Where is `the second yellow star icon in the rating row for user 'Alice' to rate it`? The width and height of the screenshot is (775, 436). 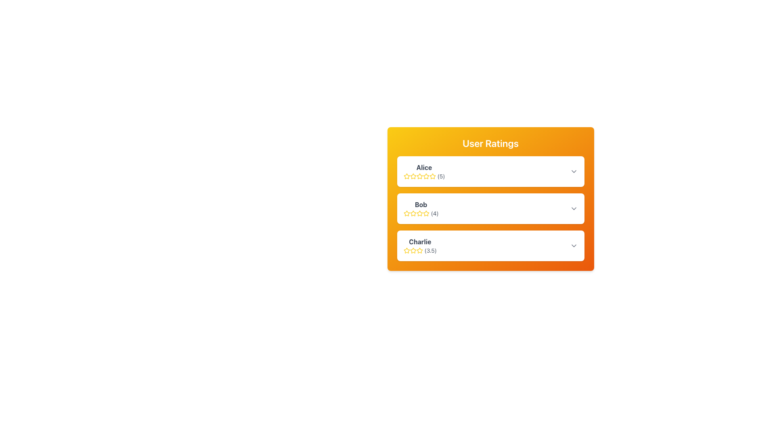
the second yellow star icon in the rating row for user 'Alice' to rate it is located at coordinates (419, 175).